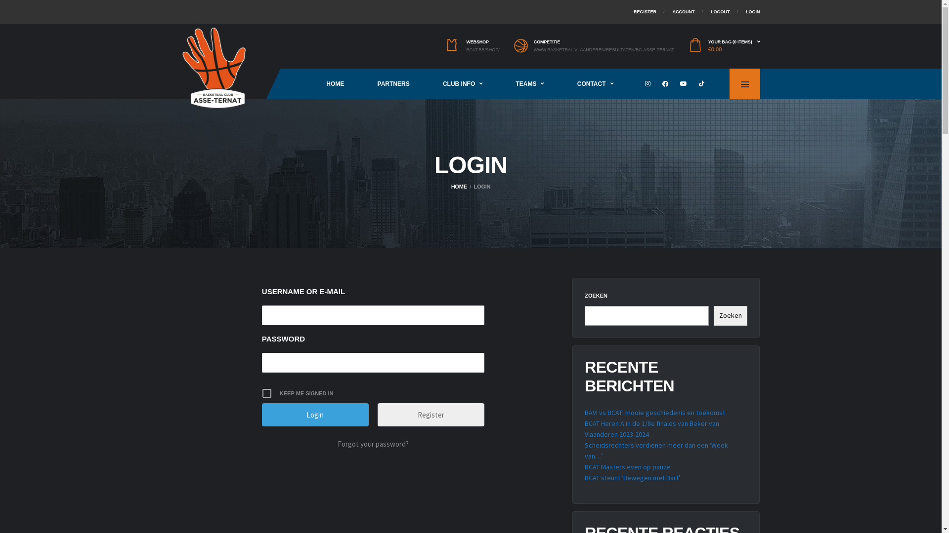 This screenshot has height=533, width=949. I want to click on 'Register', so click(431, 415).